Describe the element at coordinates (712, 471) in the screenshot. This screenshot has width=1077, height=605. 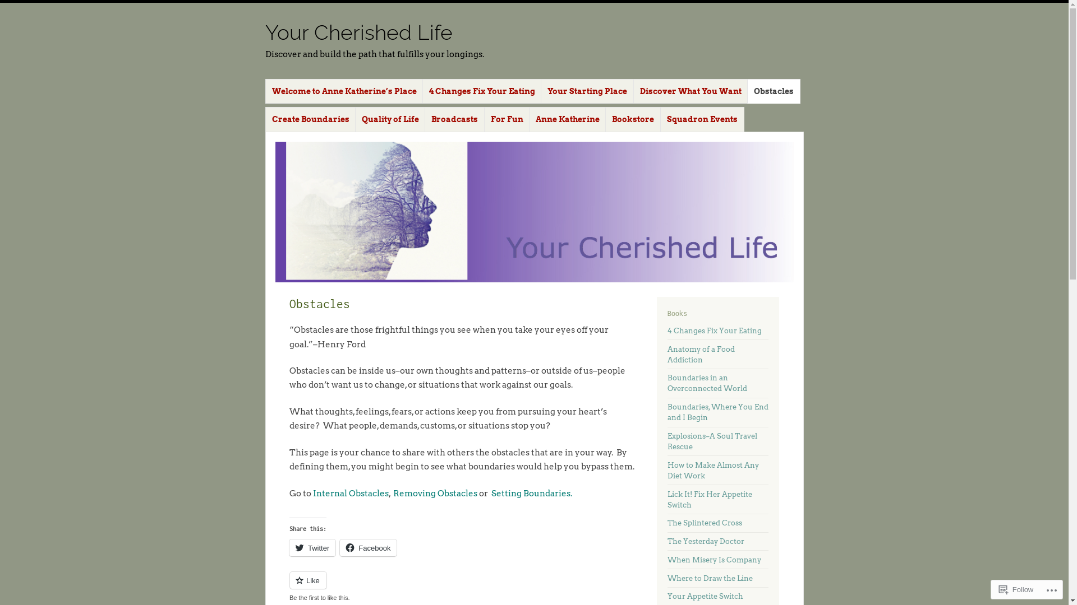
I see `'How to Make Almost Any Diet Work'` at that location.